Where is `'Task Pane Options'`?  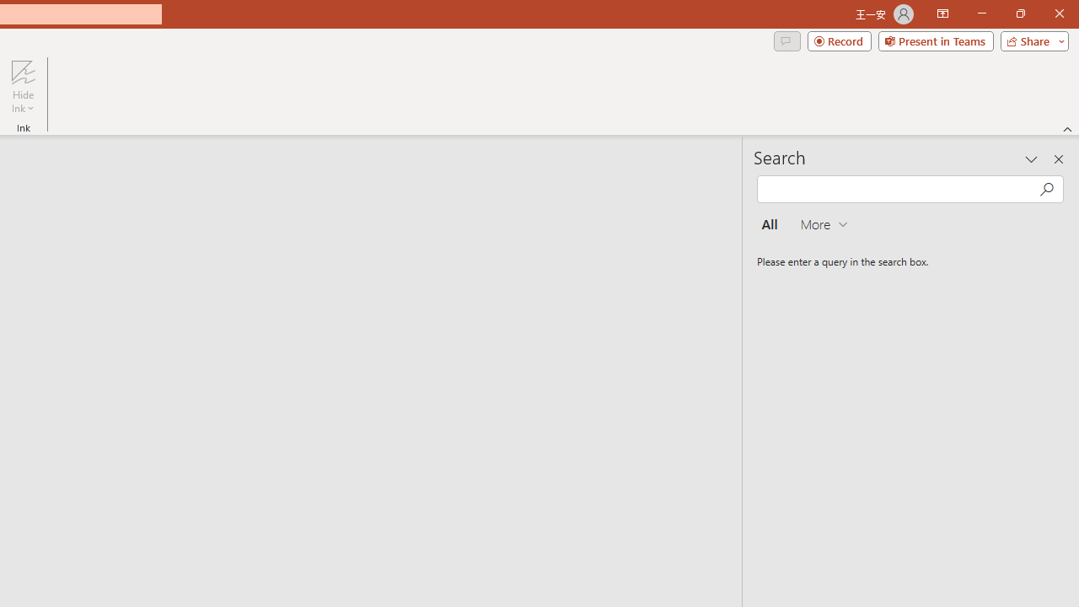
'Task Pane Options' is located at coordinates (1031, 159).